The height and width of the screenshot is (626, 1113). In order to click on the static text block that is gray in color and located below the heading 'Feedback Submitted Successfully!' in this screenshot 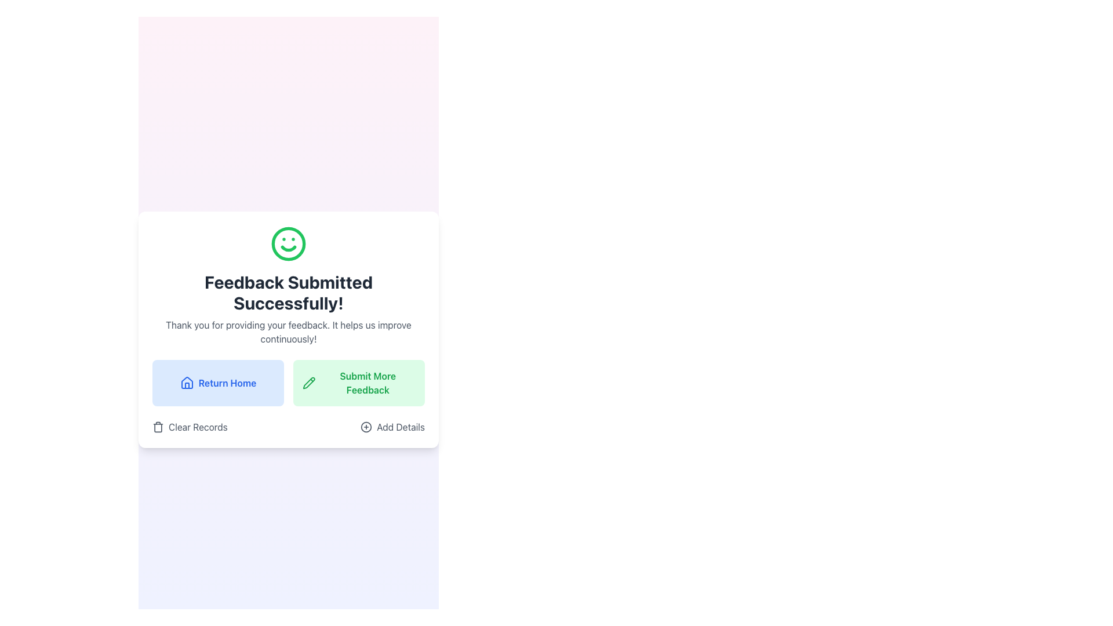, I will do `click(289, 332)`.